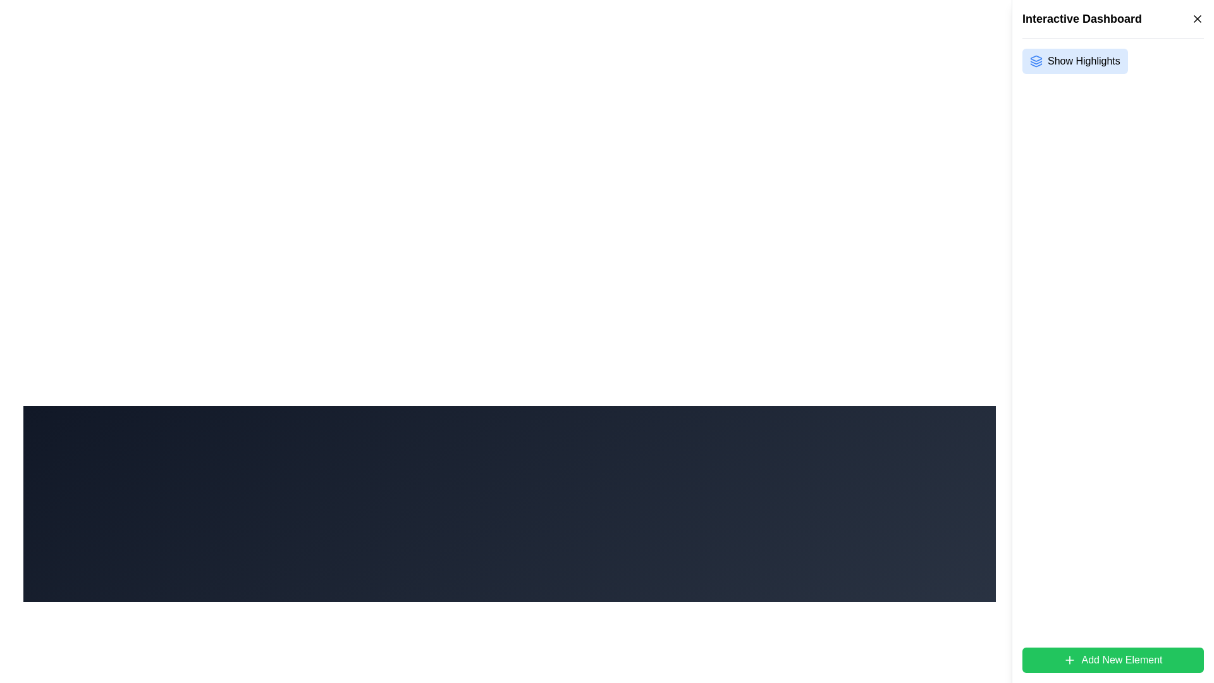 Image resolution: width=1214 pixels, height=683 pixels. Describe the element at coordinates (1113, 61) in the screenshot. I see `the 'Show Highlights' button with a light blue background and rounded corners, located below the 'Interactive Dashboard' header` at that location.